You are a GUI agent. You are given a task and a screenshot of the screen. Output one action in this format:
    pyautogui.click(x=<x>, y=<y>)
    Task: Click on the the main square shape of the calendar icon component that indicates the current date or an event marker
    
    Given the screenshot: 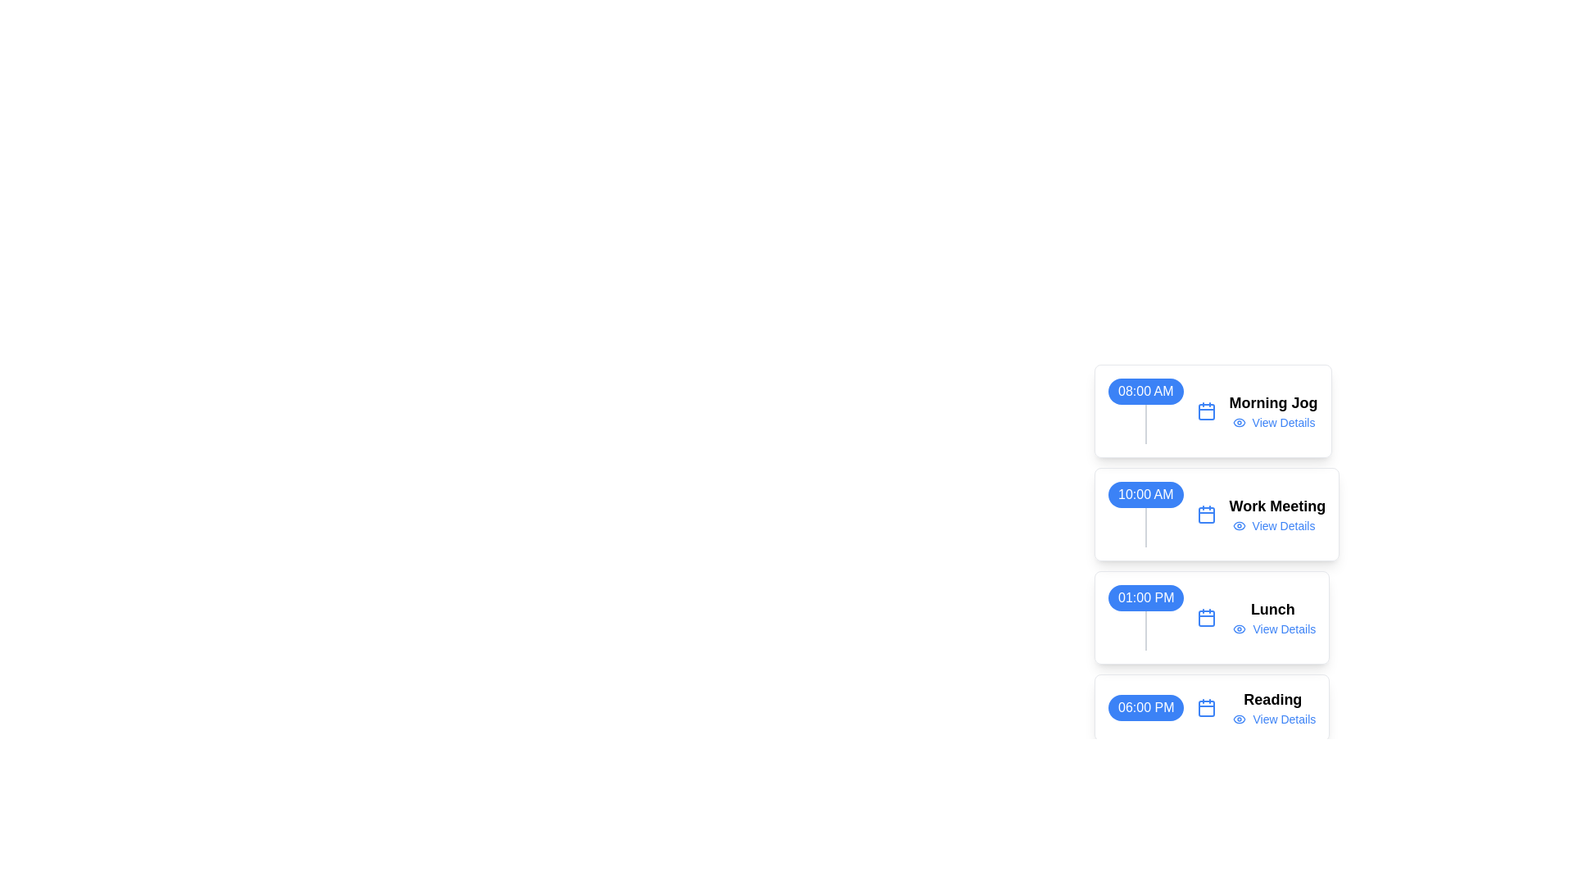 What is the action you would take?
    pyautogui.click(x=1206, y=411)
    